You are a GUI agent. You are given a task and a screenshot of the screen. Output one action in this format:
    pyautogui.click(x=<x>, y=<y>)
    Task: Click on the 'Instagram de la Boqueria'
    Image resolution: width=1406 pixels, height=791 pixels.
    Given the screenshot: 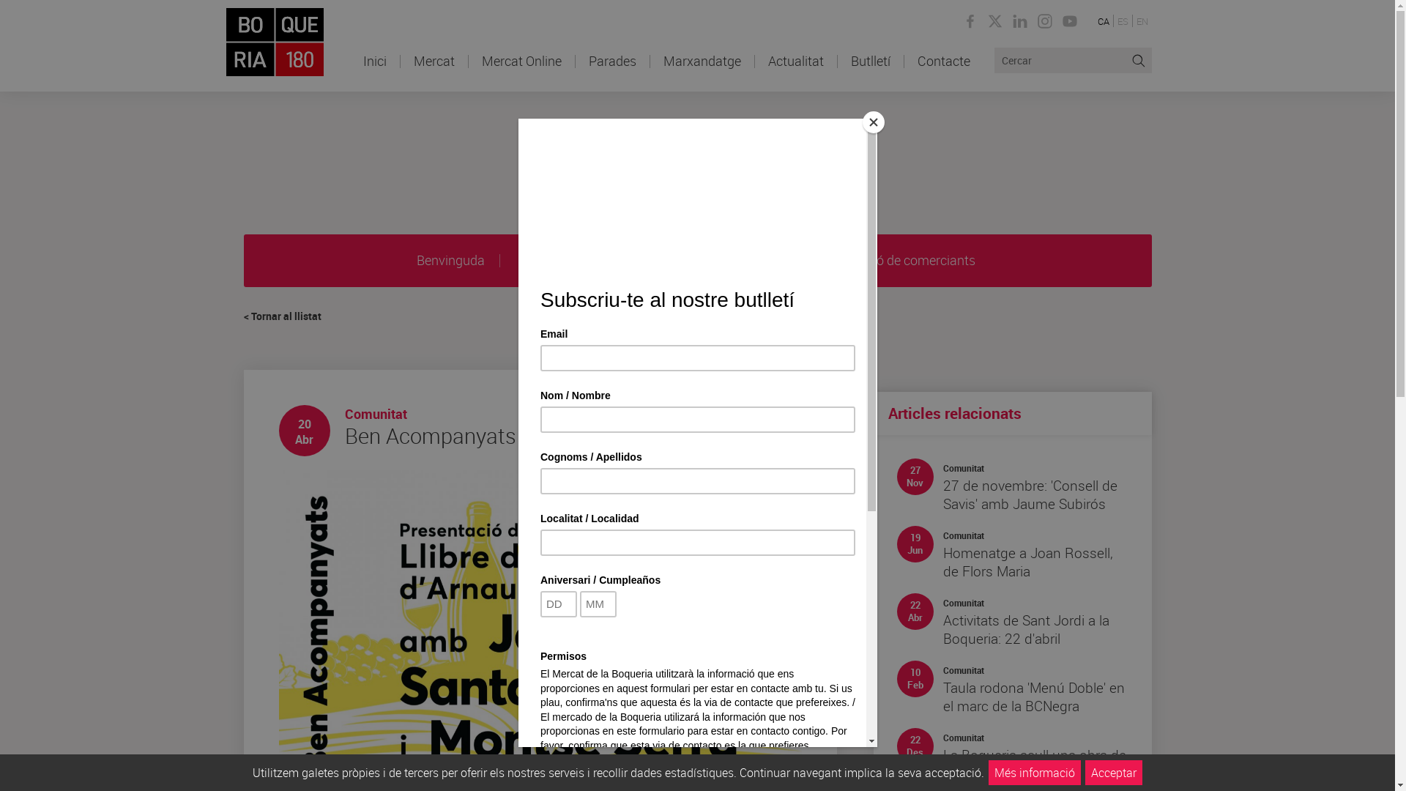 What is the action you would take?
    pyautogui.click(x=1044, y=23)
    